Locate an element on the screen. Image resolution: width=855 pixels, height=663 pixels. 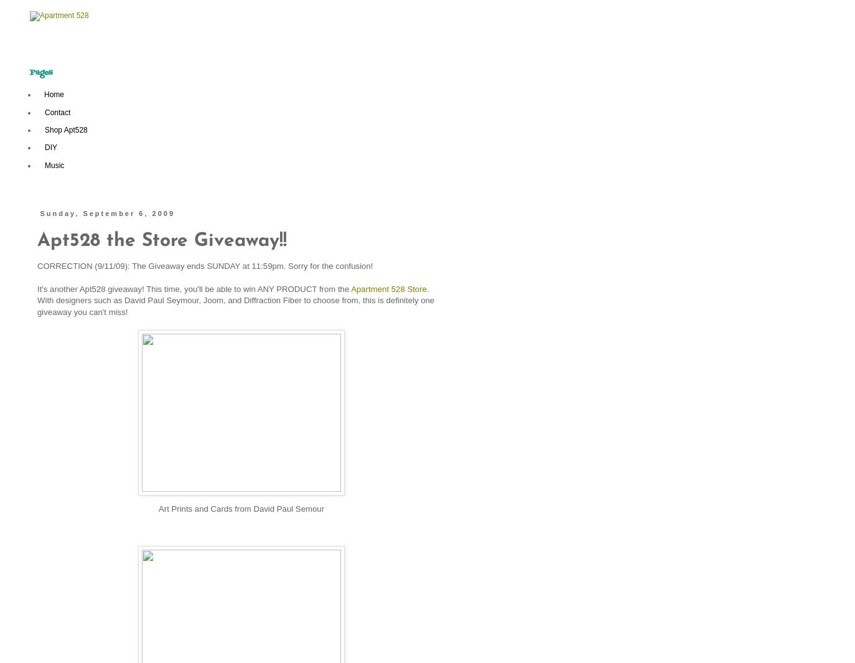
'Contact' is located at coordinates (57, 111).